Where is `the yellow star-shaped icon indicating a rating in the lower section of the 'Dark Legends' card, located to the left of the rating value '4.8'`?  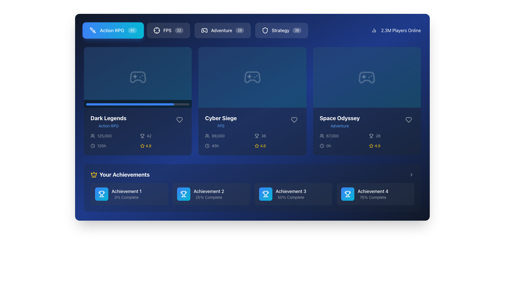
the yellow star-shaped icon indicating a rating in the lower section of the 'Dark Legends' card, located to the left of the rating value '4.8' is located at coordinates (142, 145).